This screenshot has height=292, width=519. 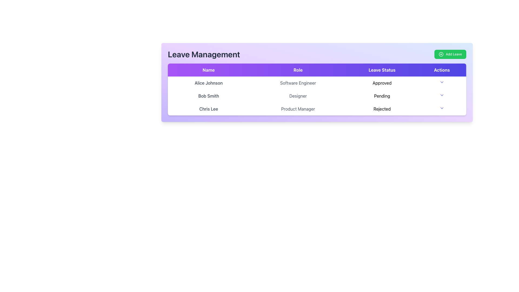 What do you see at coordinates (442, 82) in the screenshot?
I see `the downward-facing chevron icon in the 'Actions' column for the 'Leave Status' labeled as 'Approved'` at bounding box center [442, 82].